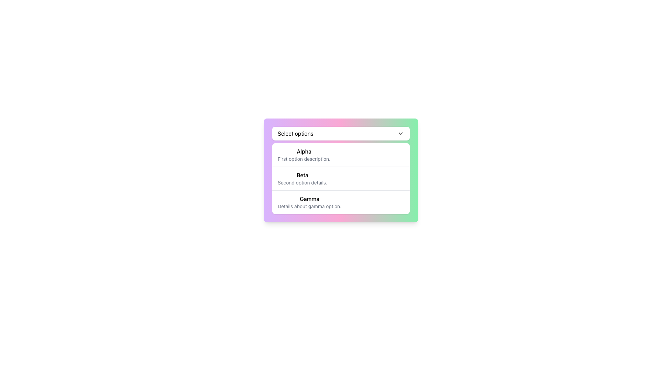 This screenshot has width=660, height=371. Describe the element at coordinates (341, 155) in the screenshot. I see `the first selectable option labeled 'Alpha' in the dropdown menu` at that location.